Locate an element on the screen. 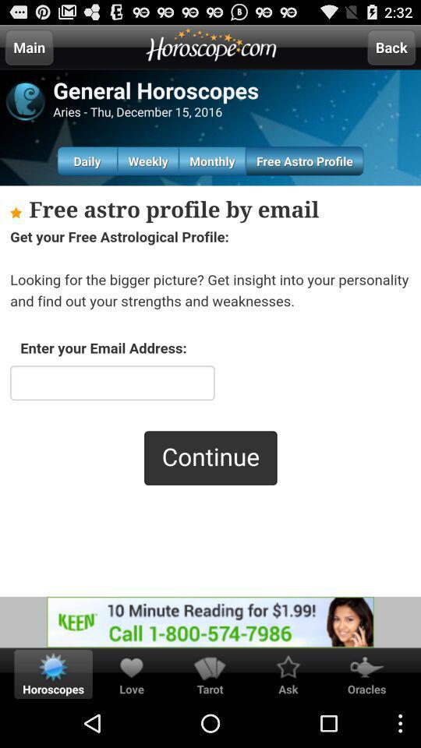  second icon from the bottom left of the screen is located at coordinates (131, 666).